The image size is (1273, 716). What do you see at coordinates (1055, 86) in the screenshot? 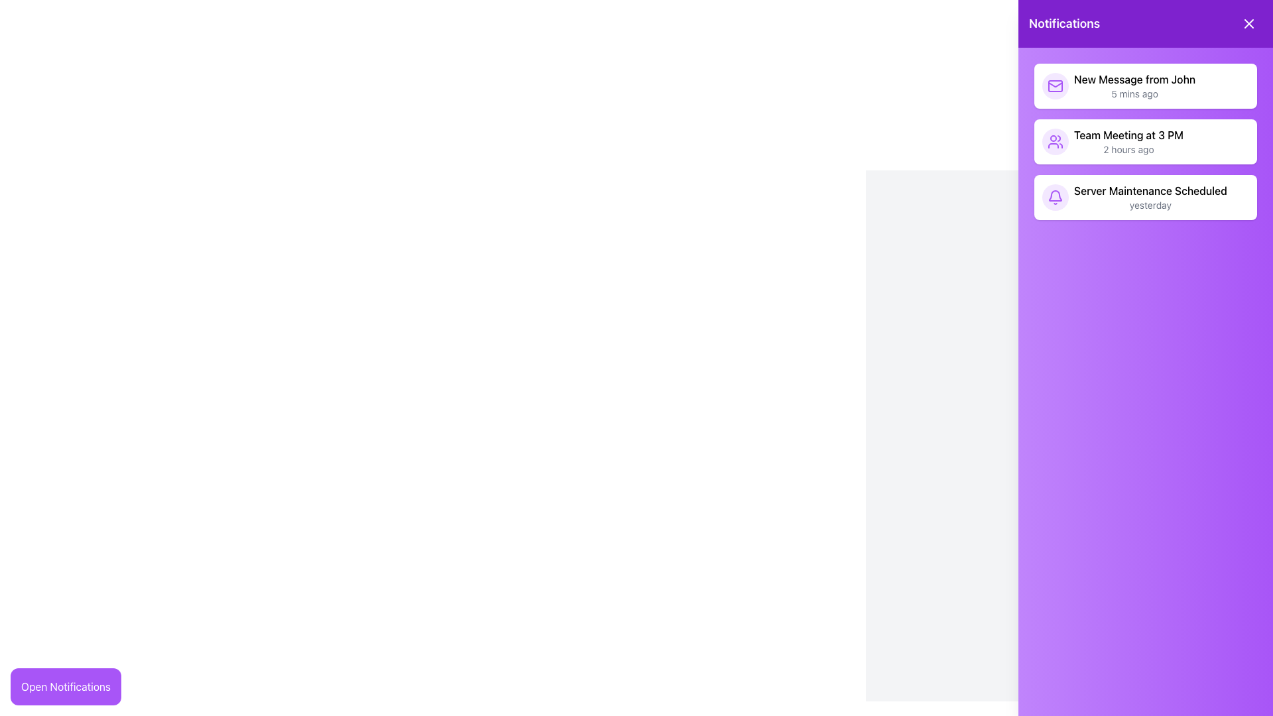
I see `the icon that visually represents a new email or message notification, located at the top-left corner of the notification labeled 'New Message from John'` at bounding box center [1055, 86].